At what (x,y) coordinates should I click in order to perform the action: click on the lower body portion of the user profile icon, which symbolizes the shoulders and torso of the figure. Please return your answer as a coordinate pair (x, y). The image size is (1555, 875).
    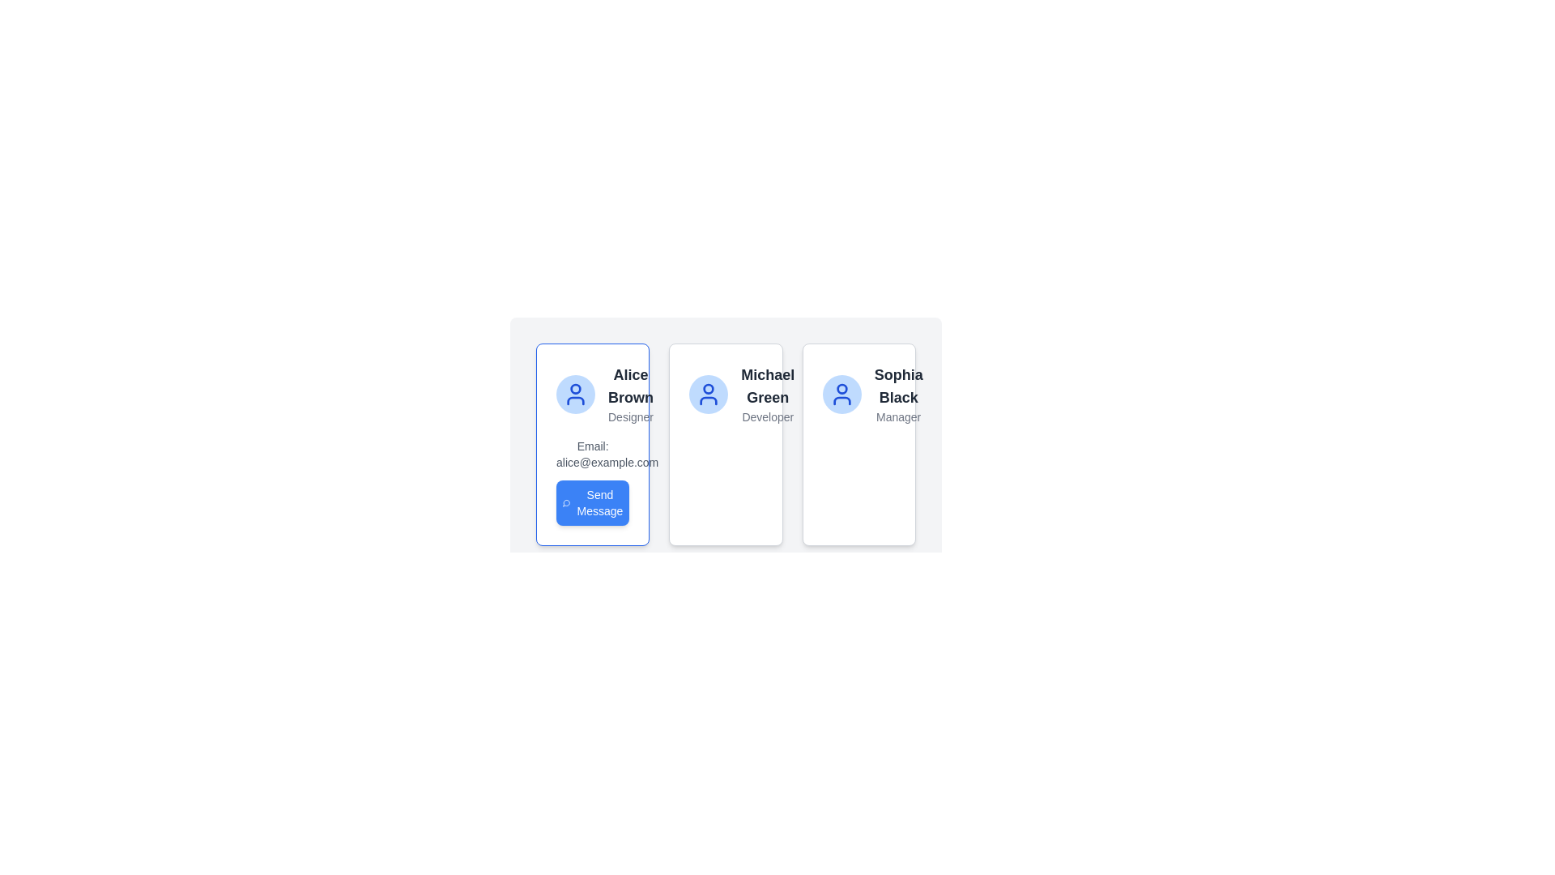
    Looking at the image, I should click on (575, 400).